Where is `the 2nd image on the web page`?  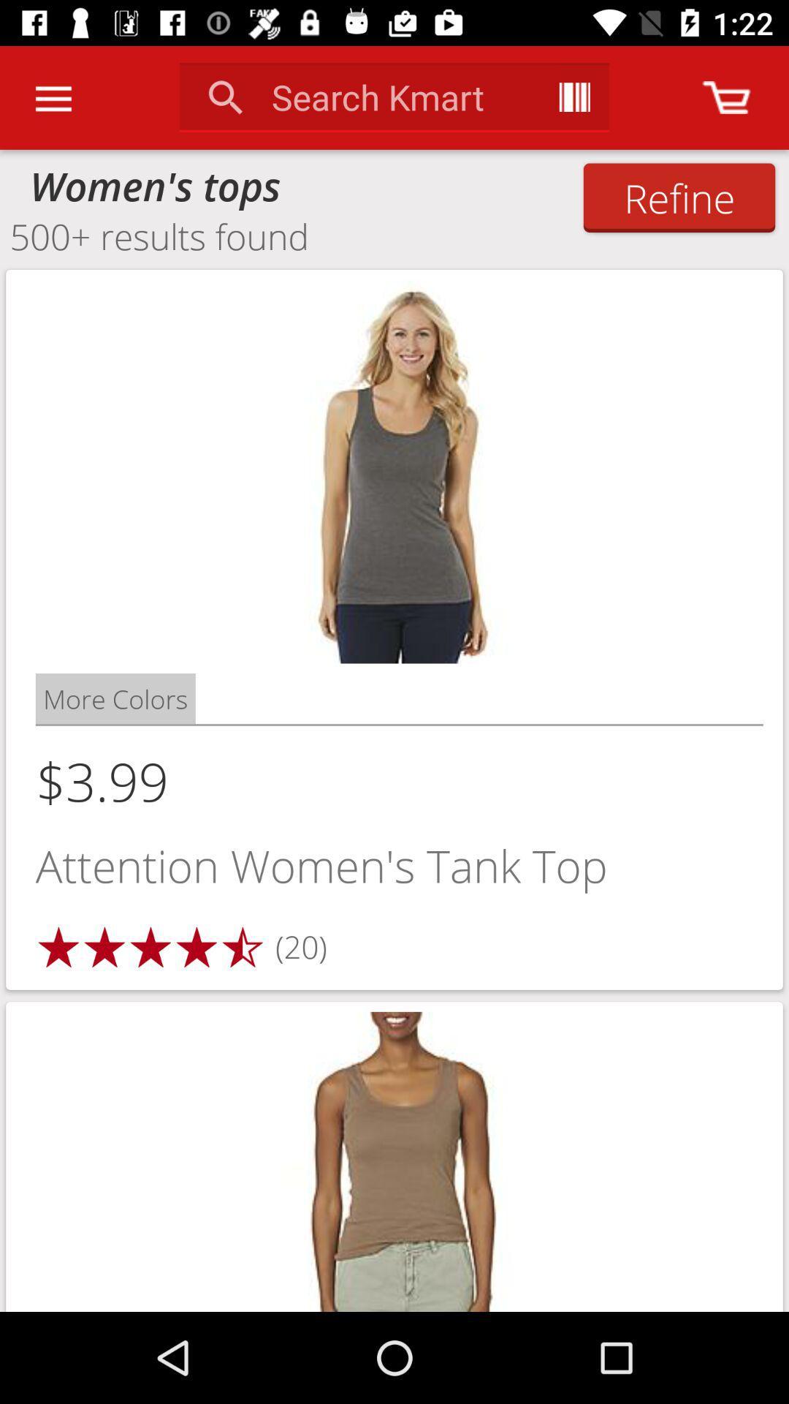
the 2nd image on the web page is located at coordinates (394, 1156).